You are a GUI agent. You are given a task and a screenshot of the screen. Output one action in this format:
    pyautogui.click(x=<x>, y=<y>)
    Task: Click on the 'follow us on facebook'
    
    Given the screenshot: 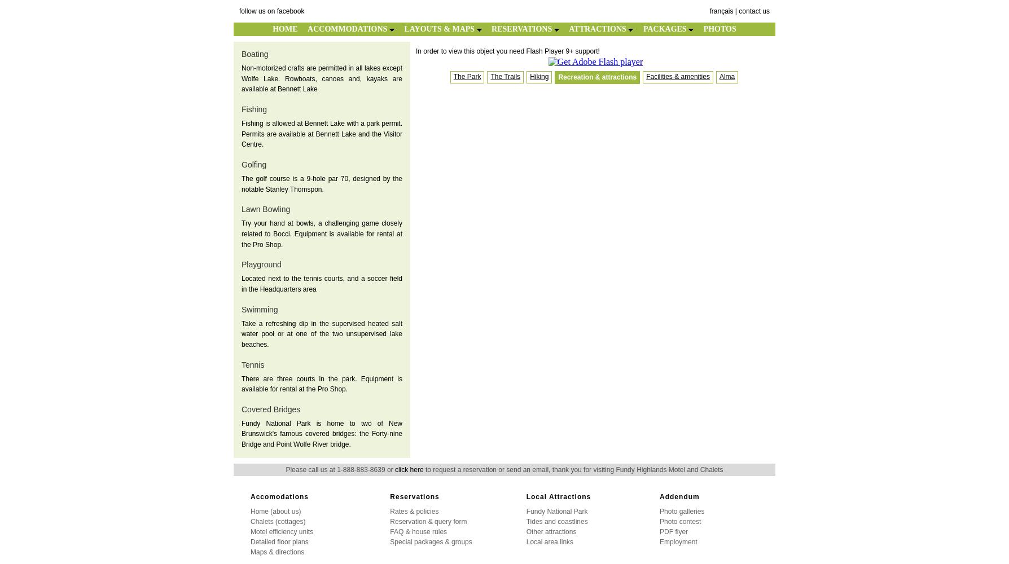 What is the action you would take?
    pyautogui.click(x=271, y=11)
    